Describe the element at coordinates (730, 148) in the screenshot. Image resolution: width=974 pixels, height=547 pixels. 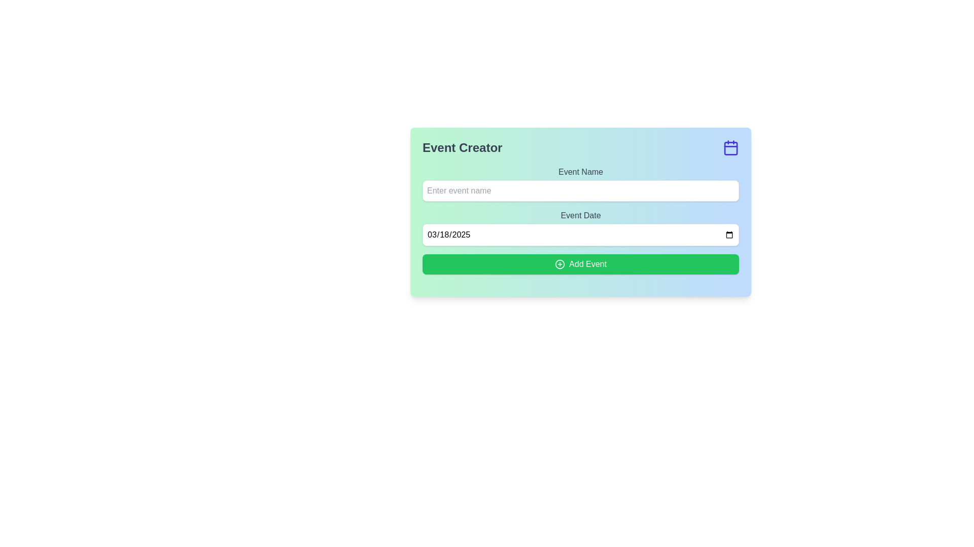
I see `the calendar-related icon located in the top-right corner of the 'Event Creator' section, aligned horizontally with the header text` at that location.